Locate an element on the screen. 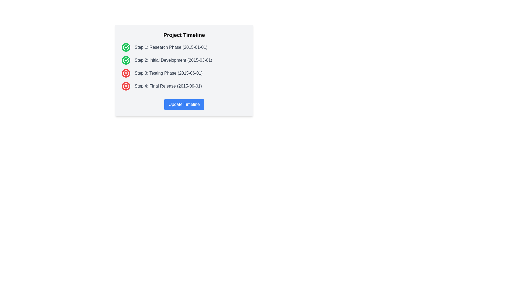 This screenshot has width=517, height=291. the informational text element that describes the first step in the project timeline, located to the left of the circular green icon with a white check mark is located at coordinates (171, 47).